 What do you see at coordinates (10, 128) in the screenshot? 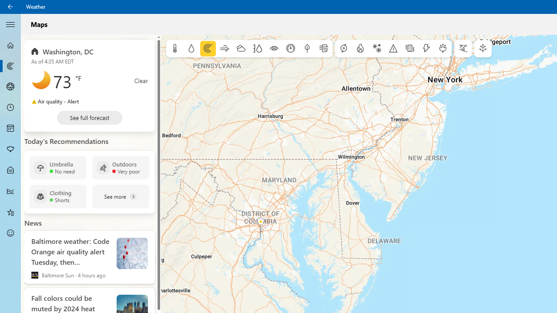
I see `'Monthly Forecast - Not Selected'` at bounding box center [10, 128].